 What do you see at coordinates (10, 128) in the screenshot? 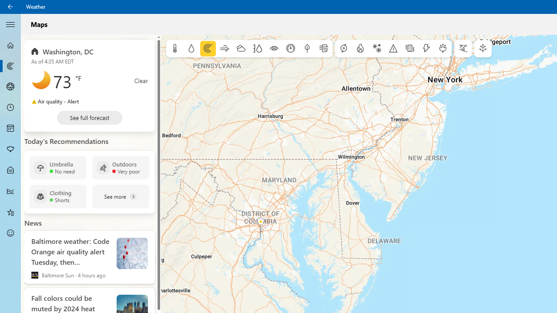
I see `'Monthly Forecast - Not Selected'` at bounding box center [10, 128].